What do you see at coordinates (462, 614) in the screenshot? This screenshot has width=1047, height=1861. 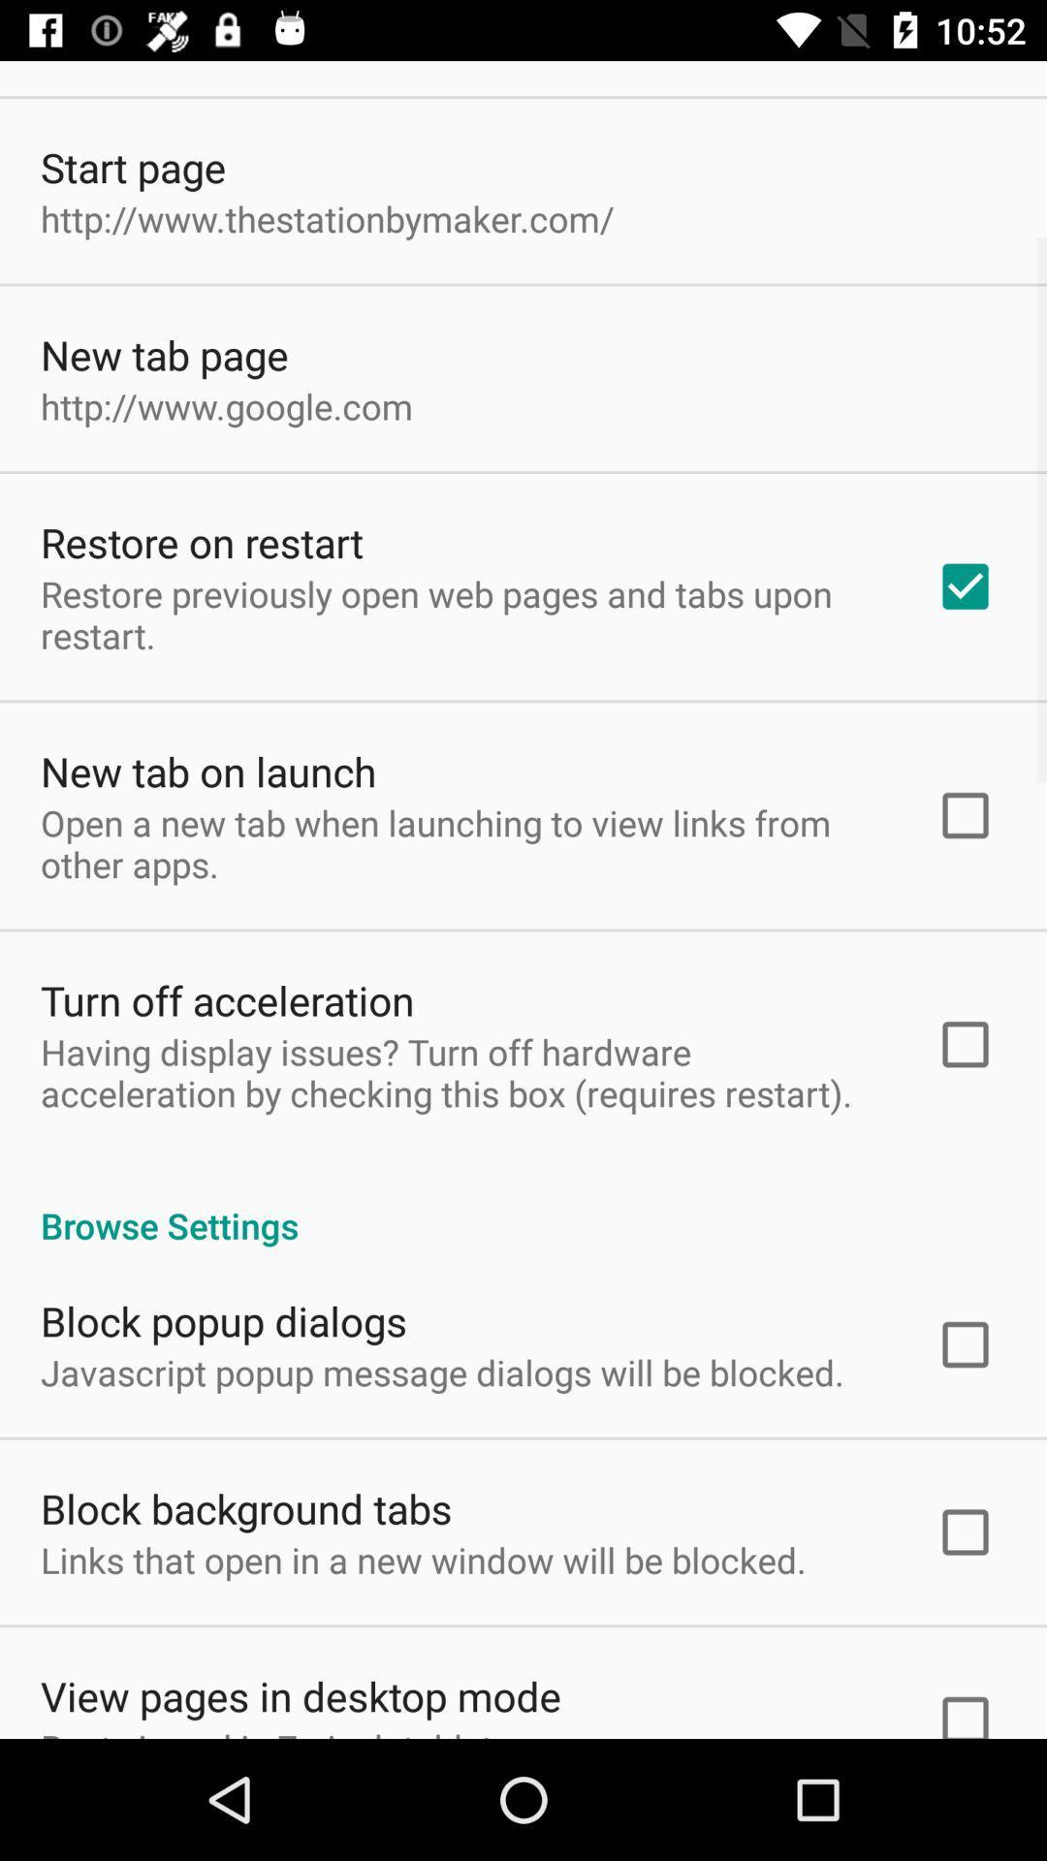 I see `item below the restore on restart` at bounding box center [462, 614].